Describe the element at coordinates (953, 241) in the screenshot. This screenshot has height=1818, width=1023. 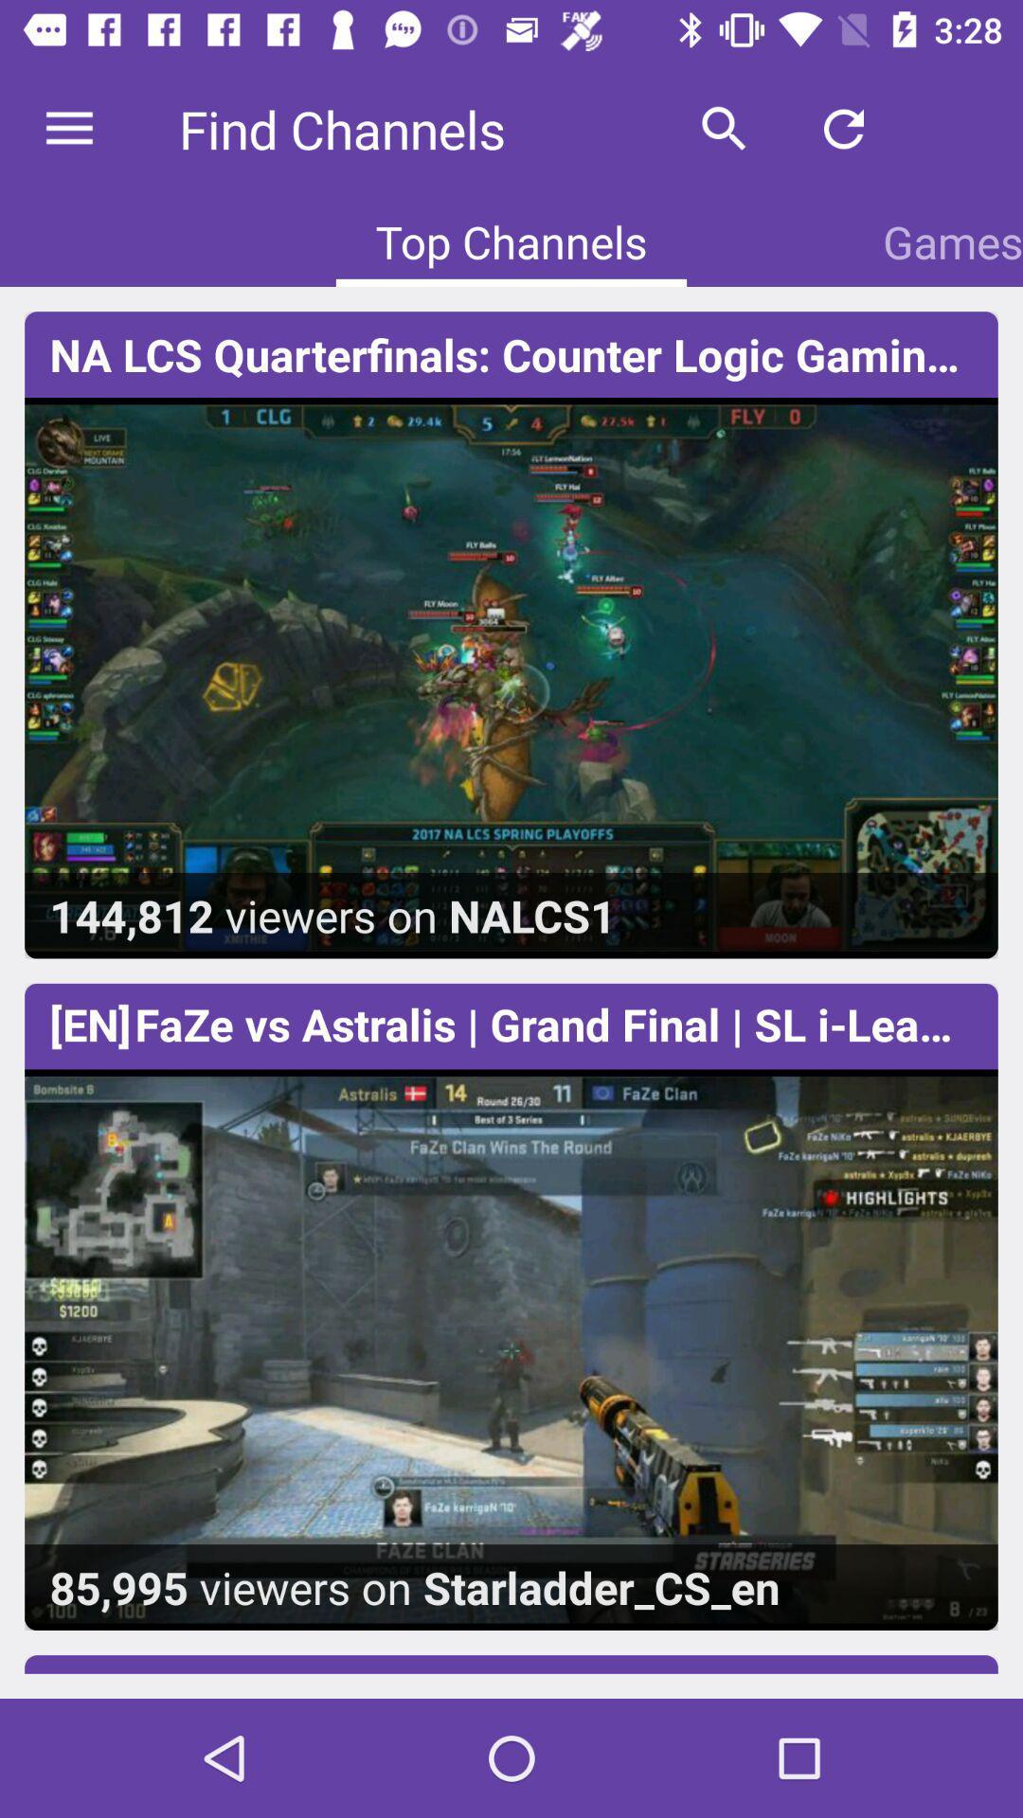
I see `the games` at that location.